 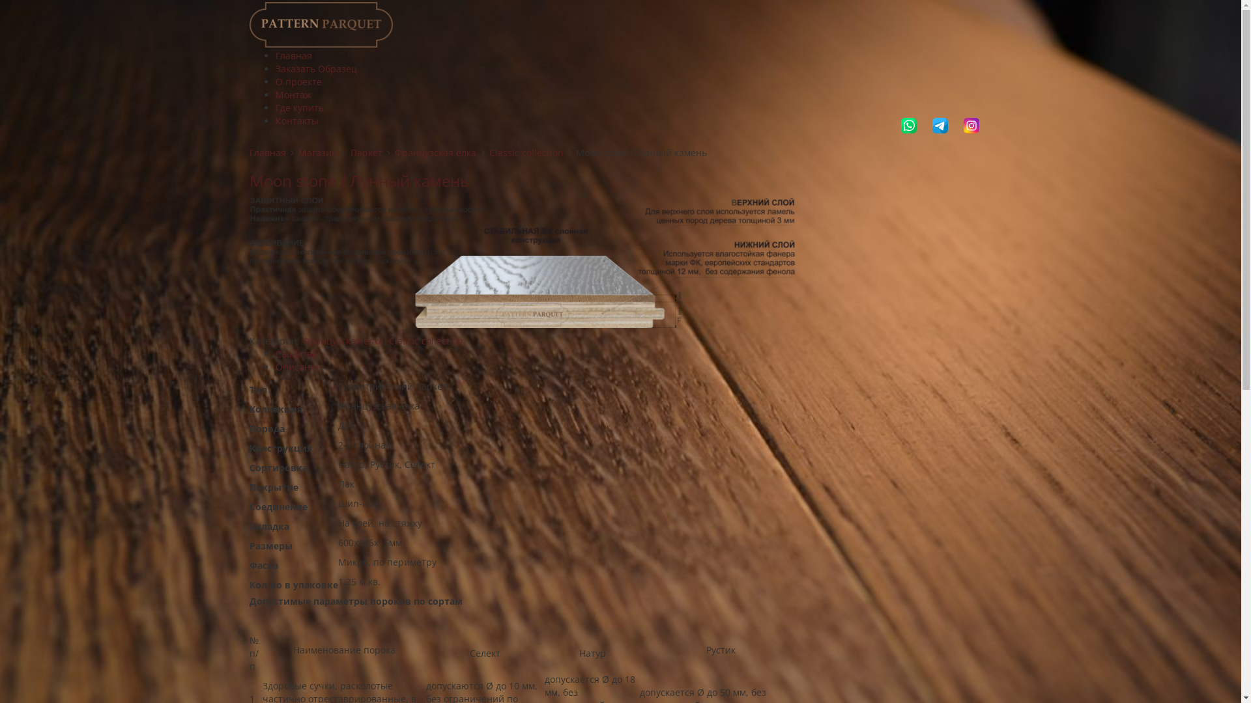 What do you see at coordinates (425, 340) in the screenshot?
I see `'Classic collection'` at bounding box center [425, 340].